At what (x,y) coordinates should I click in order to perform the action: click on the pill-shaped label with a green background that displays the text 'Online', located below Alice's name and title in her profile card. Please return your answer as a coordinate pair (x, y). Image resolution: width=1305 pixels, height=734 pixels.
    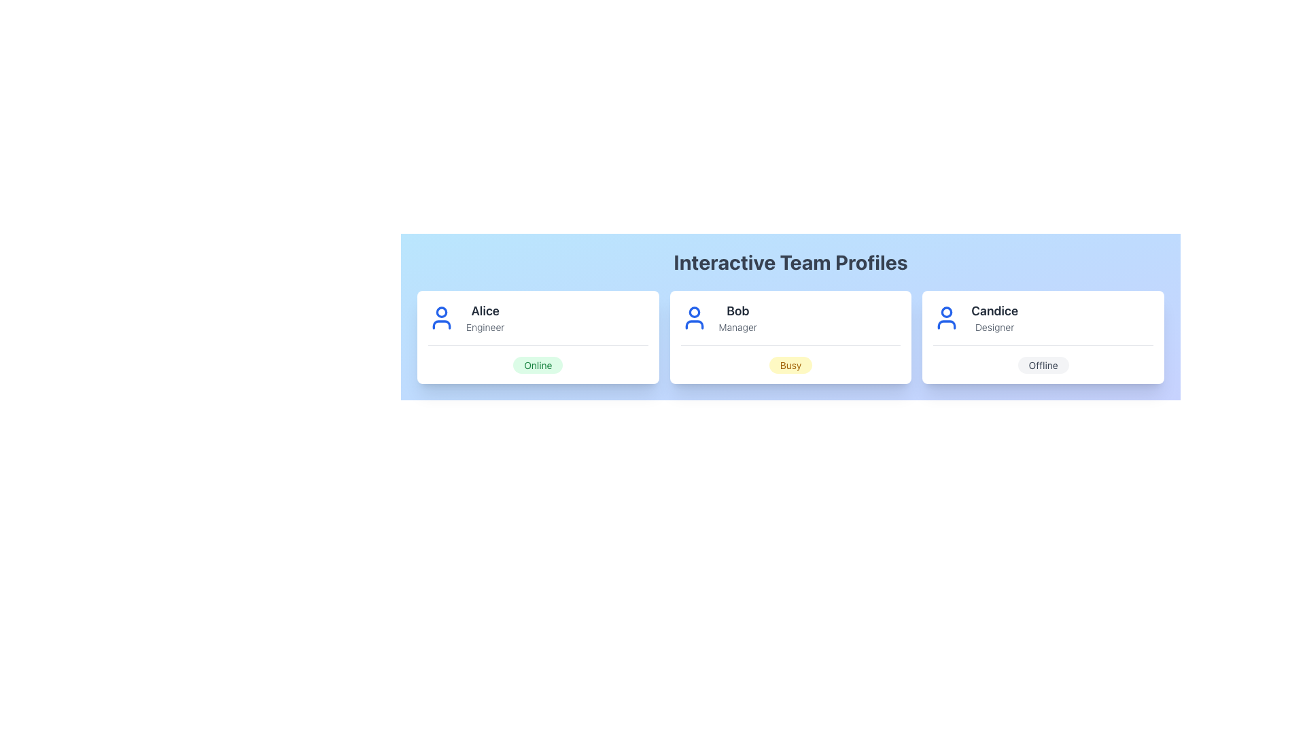
    Looking at the image, I should click on (537, 364).